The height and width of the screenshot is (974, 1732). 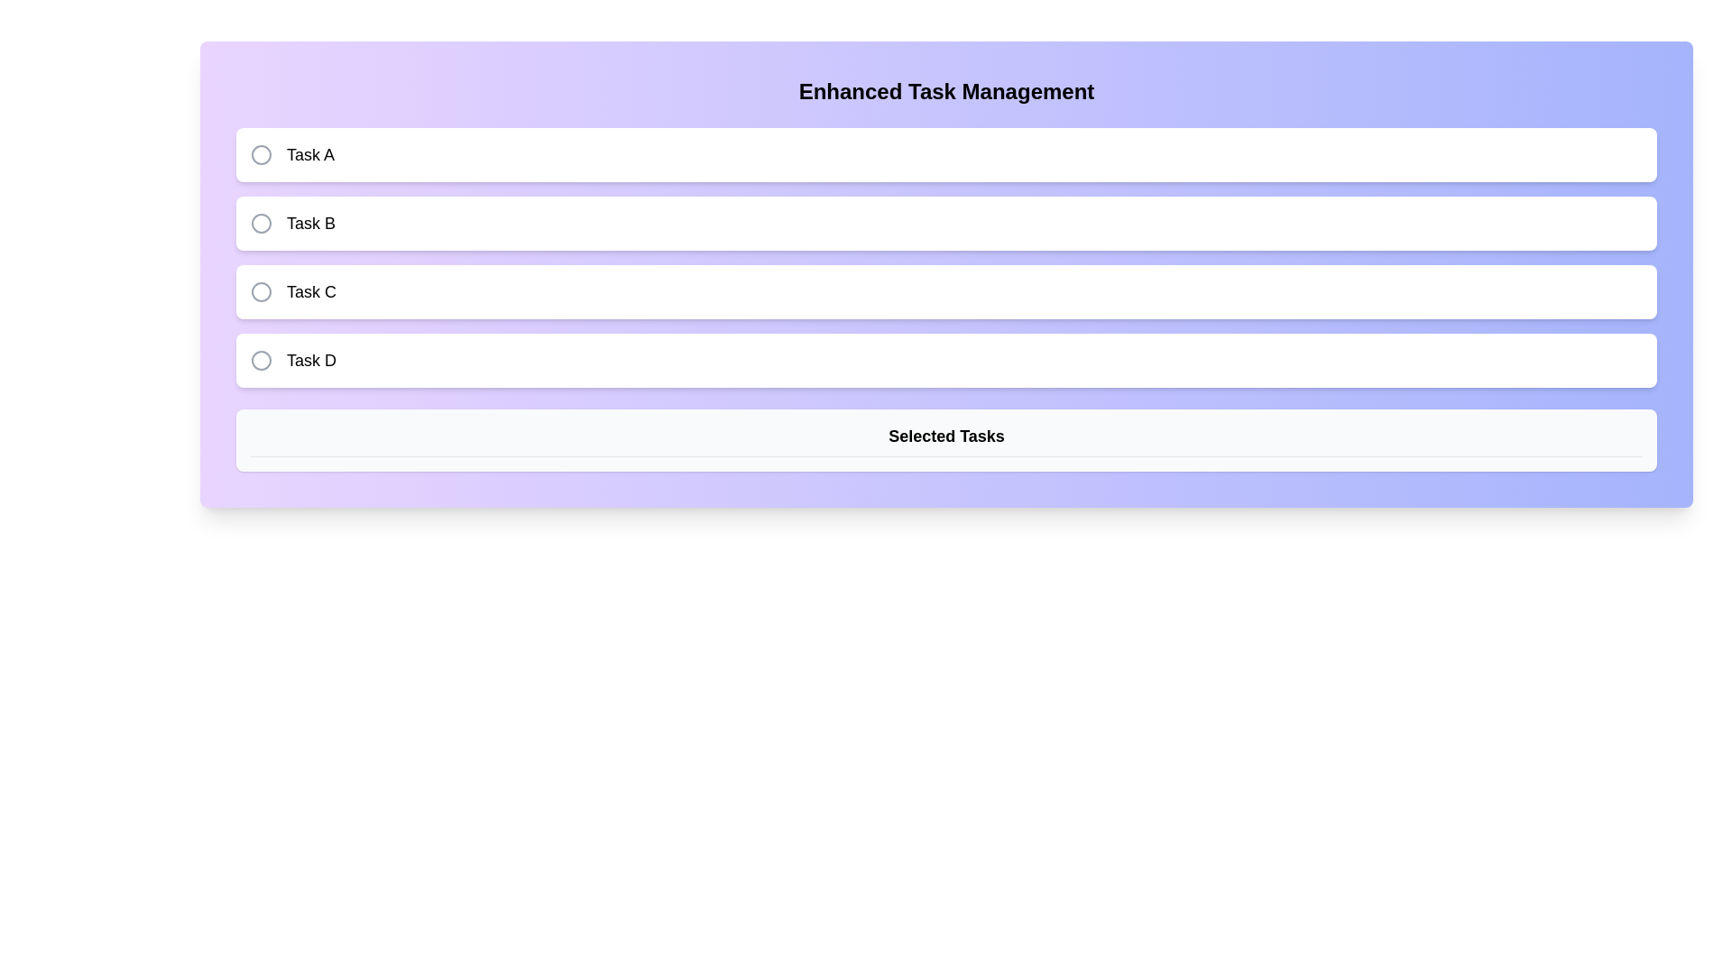 What do you see at coordinates (311, 361) in the screenshot?
I see `the task` at bounding box center [311, 361].